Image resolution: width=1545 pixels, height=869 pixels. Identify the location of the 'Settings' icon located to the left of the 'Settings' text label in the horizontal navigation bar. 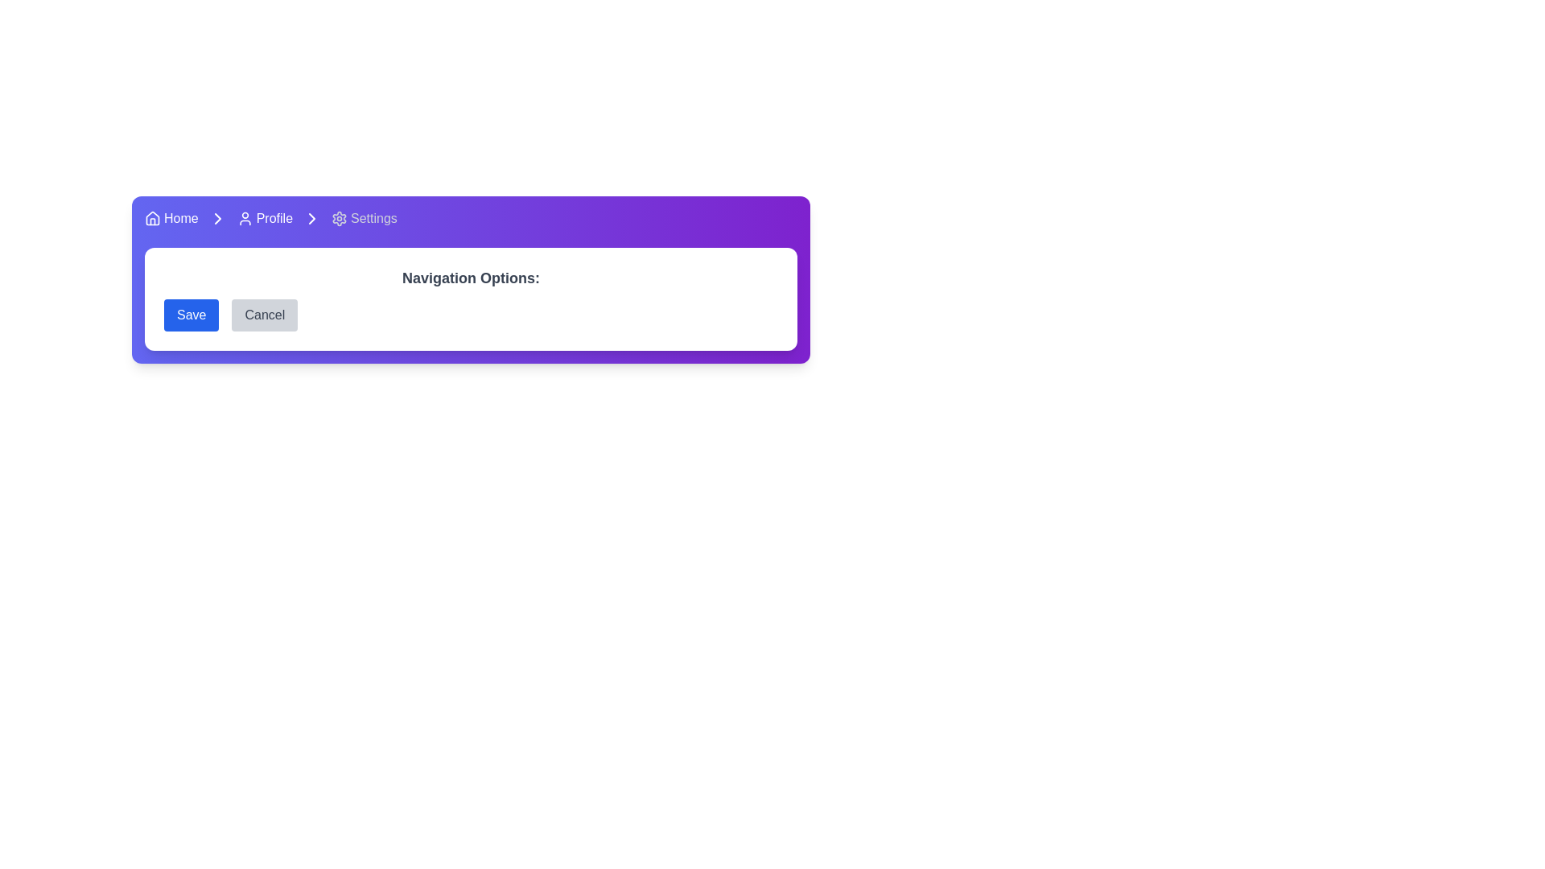
(339, 219).